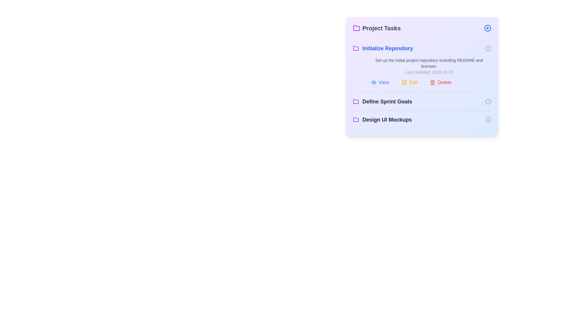 The width and height of the screenshot is (572, 321). Describe the element at coordinates (373, 82) in the screenshot. I see `the 'view' icon located at the top-right corner of the 'Initialize Repository' task listing` at that location.